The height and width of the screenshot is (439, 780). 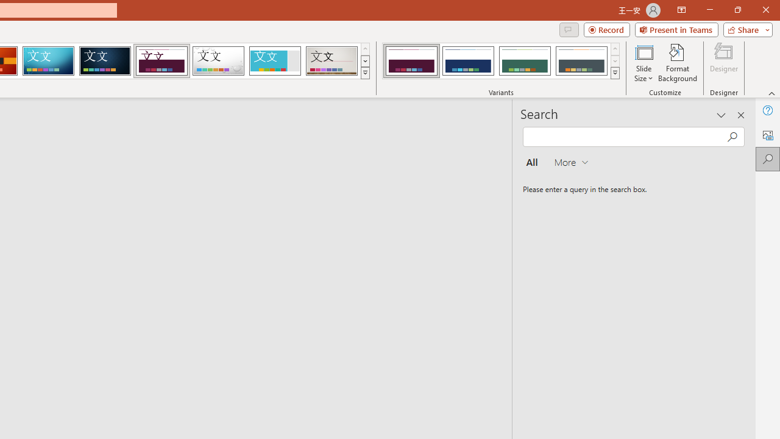 I want to click on 'Droplet', so click(x=218, y=61).